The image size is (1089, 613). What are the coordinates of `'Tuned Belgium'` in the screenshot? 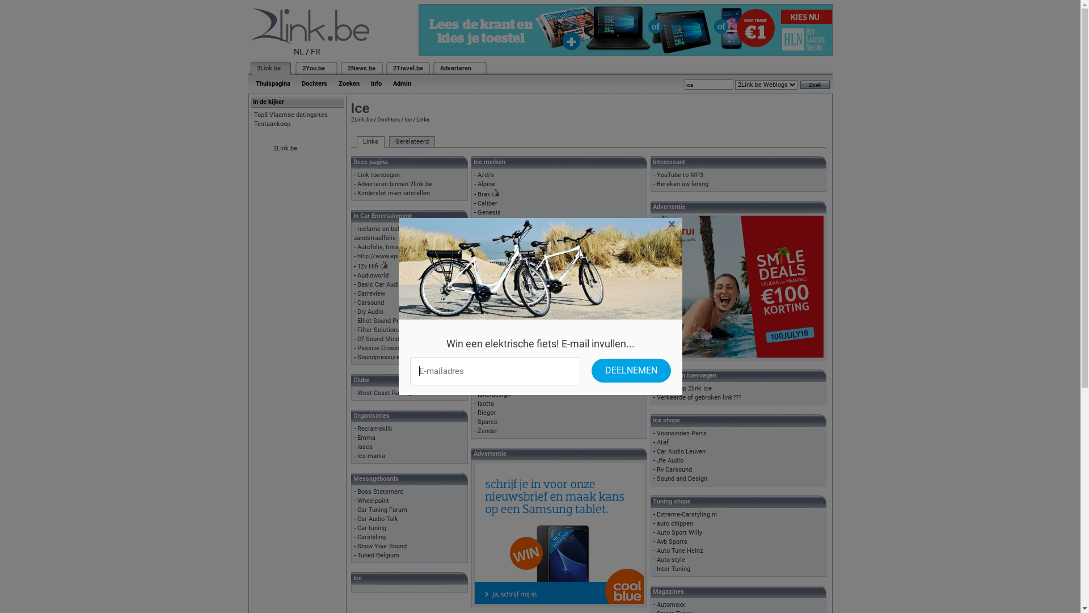 It's located at (378, 555).